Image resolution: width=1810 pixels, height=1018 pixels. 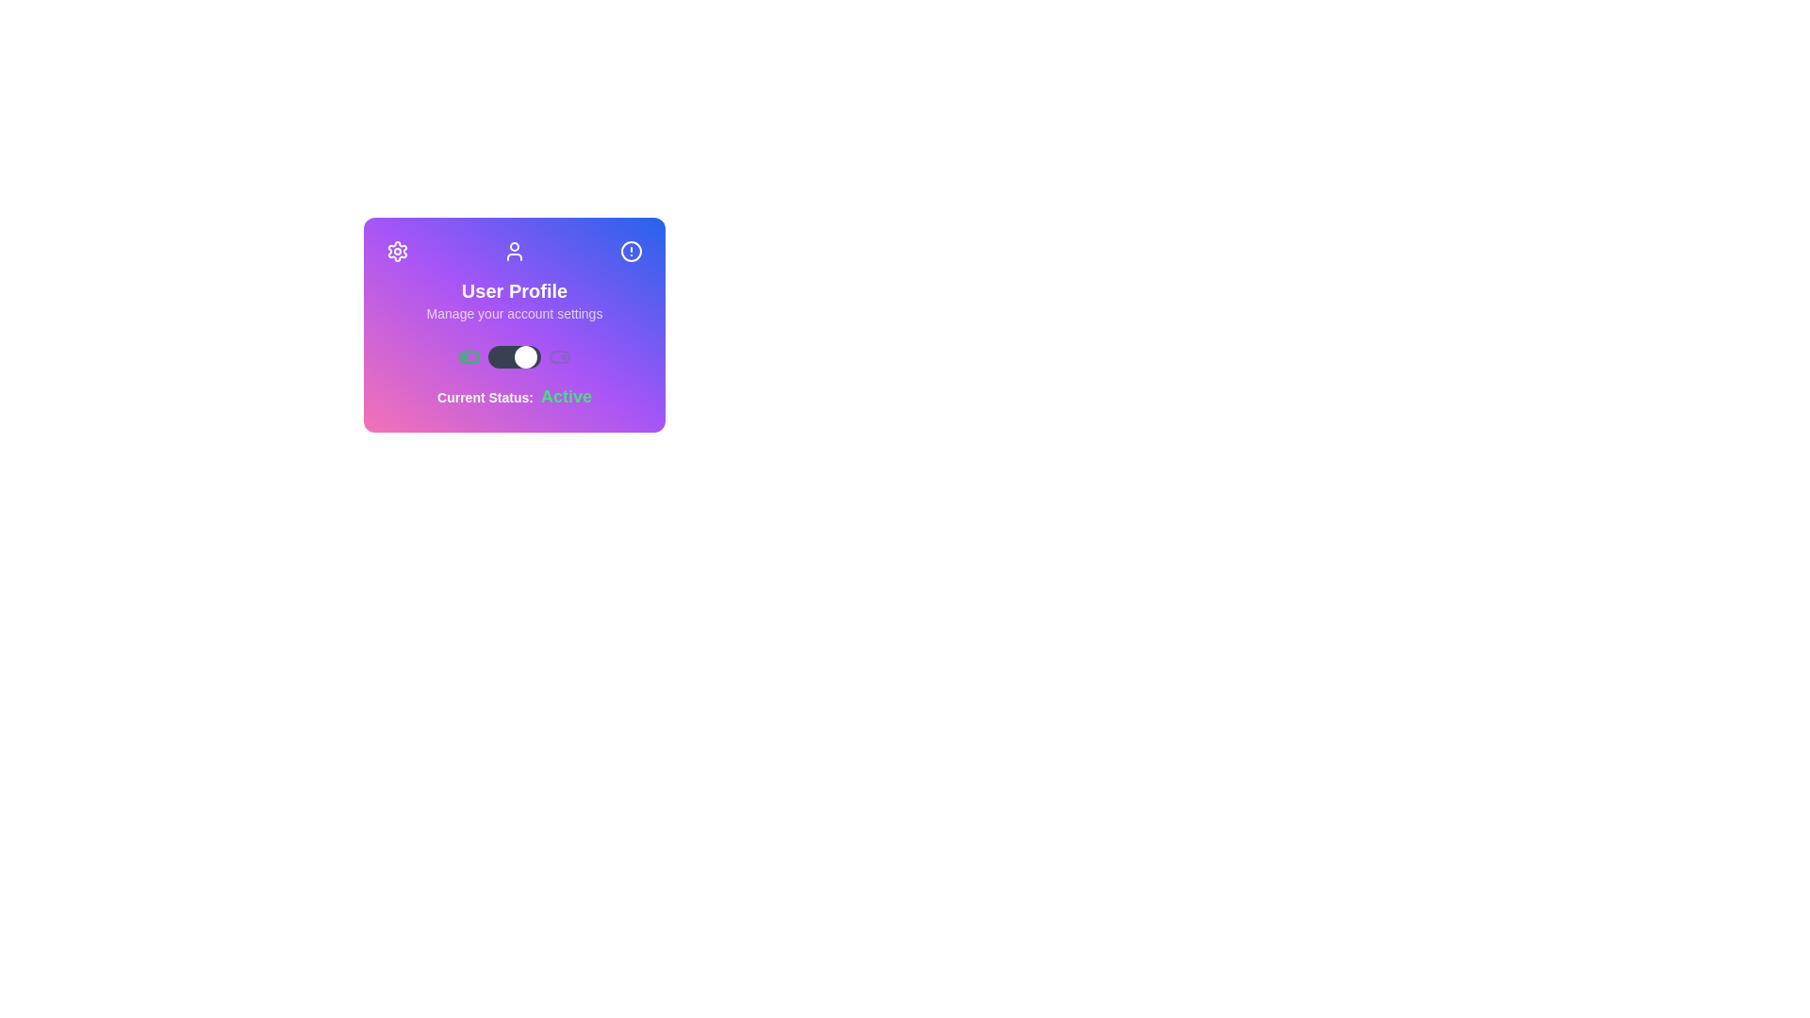 What do you see at coordinates (515, 250) in the screenshot?
I see `the user profile icon located at the center of the top row of the card structure, positioned between the gear icon and the alert sign icon` at bounding box center [515, 250].